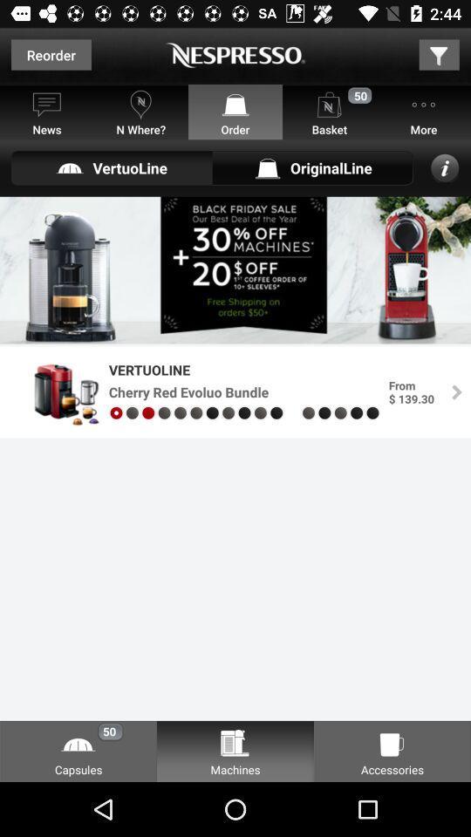 This screenshot has width=471, height=837. I want to click on icon  with i, so click(445, 167).